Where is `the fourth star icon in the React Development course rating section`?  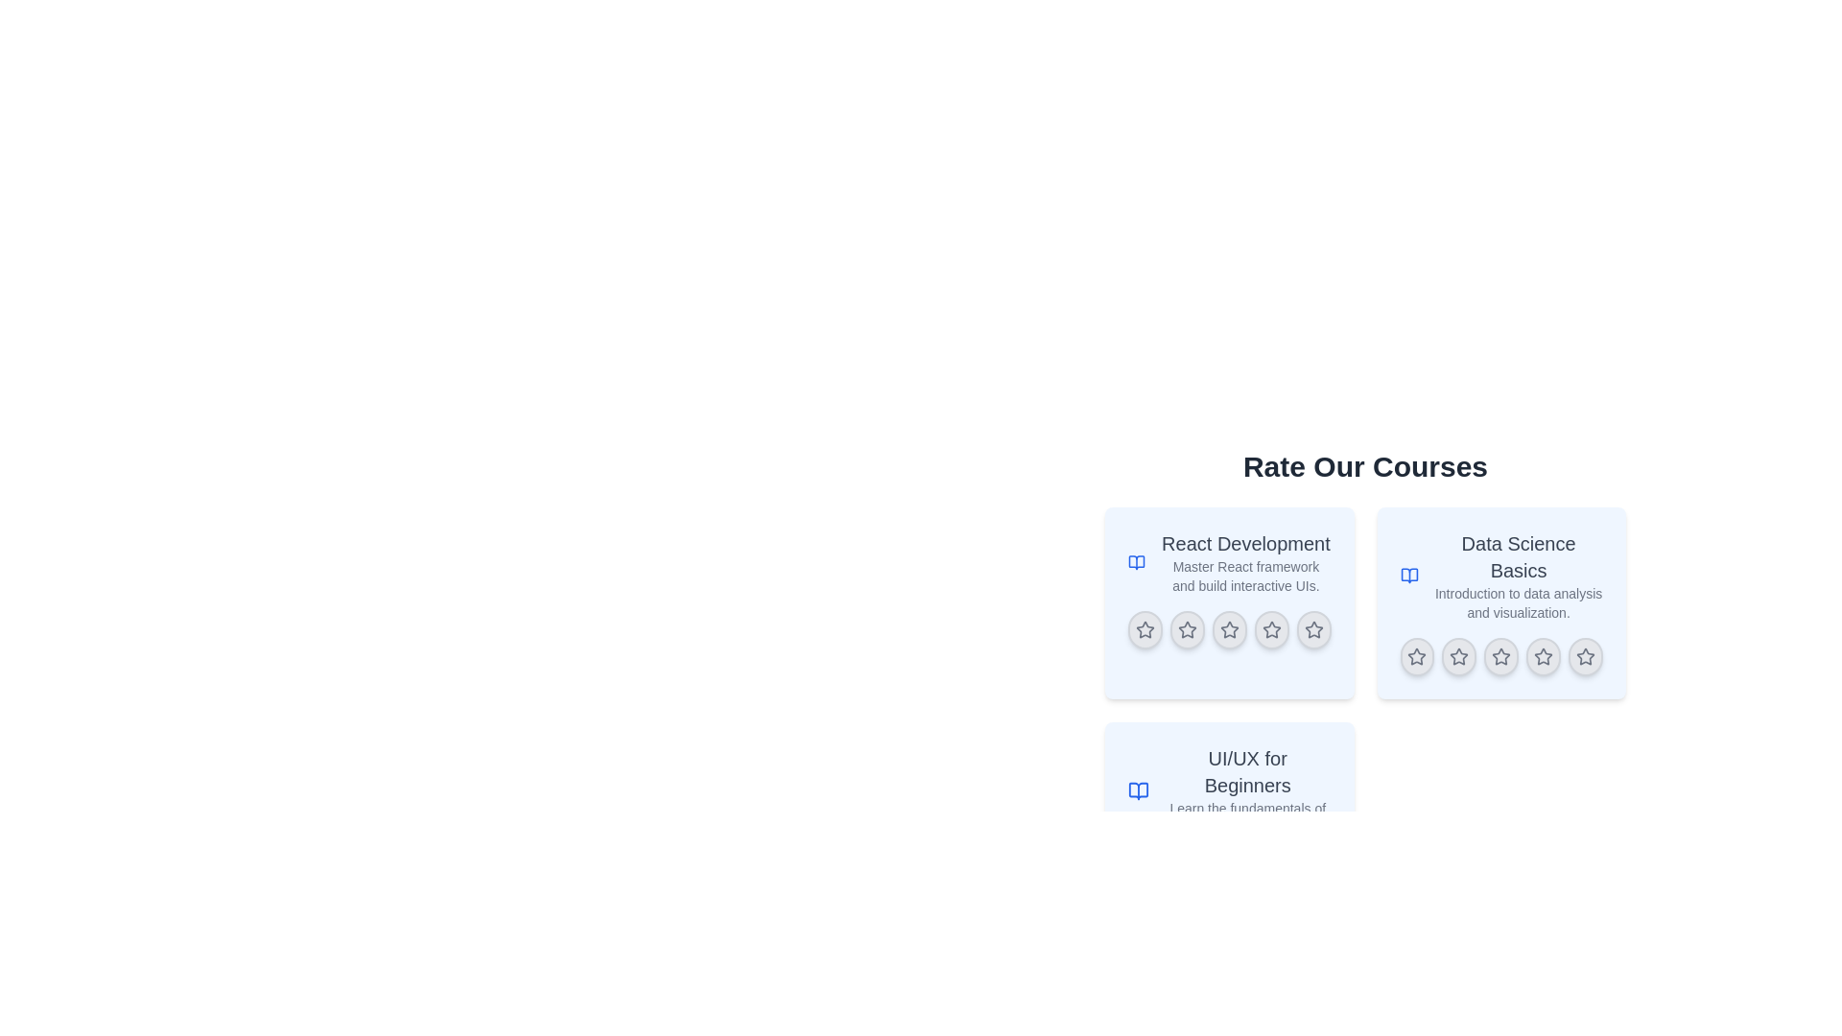
the fourth star icon in the React Development course rating section is located at coordinates (1271, 629).